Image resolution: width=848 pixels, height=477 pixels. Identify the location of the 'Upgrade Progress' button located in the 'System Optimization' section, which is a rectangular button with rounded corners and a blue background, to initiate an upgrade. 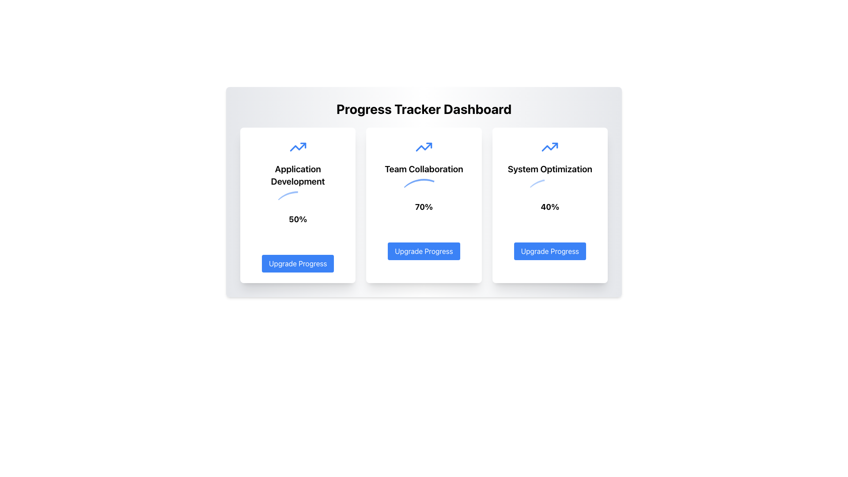
(549, 251).